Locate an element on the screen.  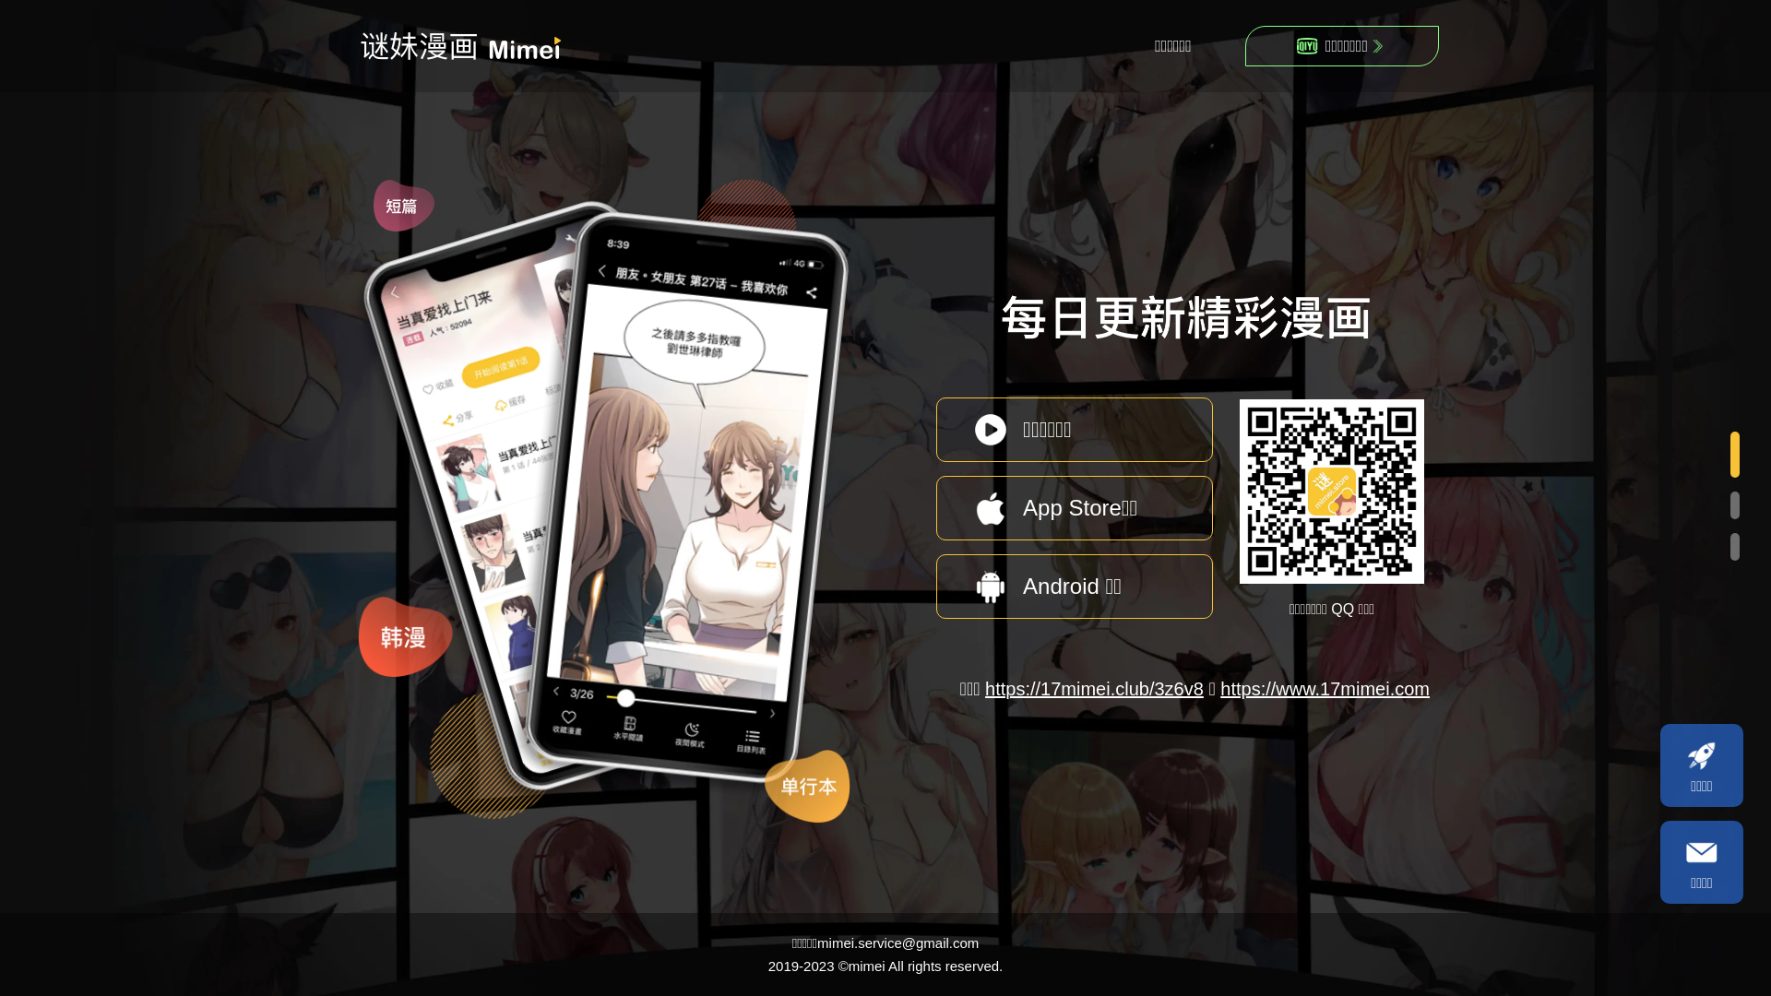
'Section 2' is located at coordinates (1730, 507).